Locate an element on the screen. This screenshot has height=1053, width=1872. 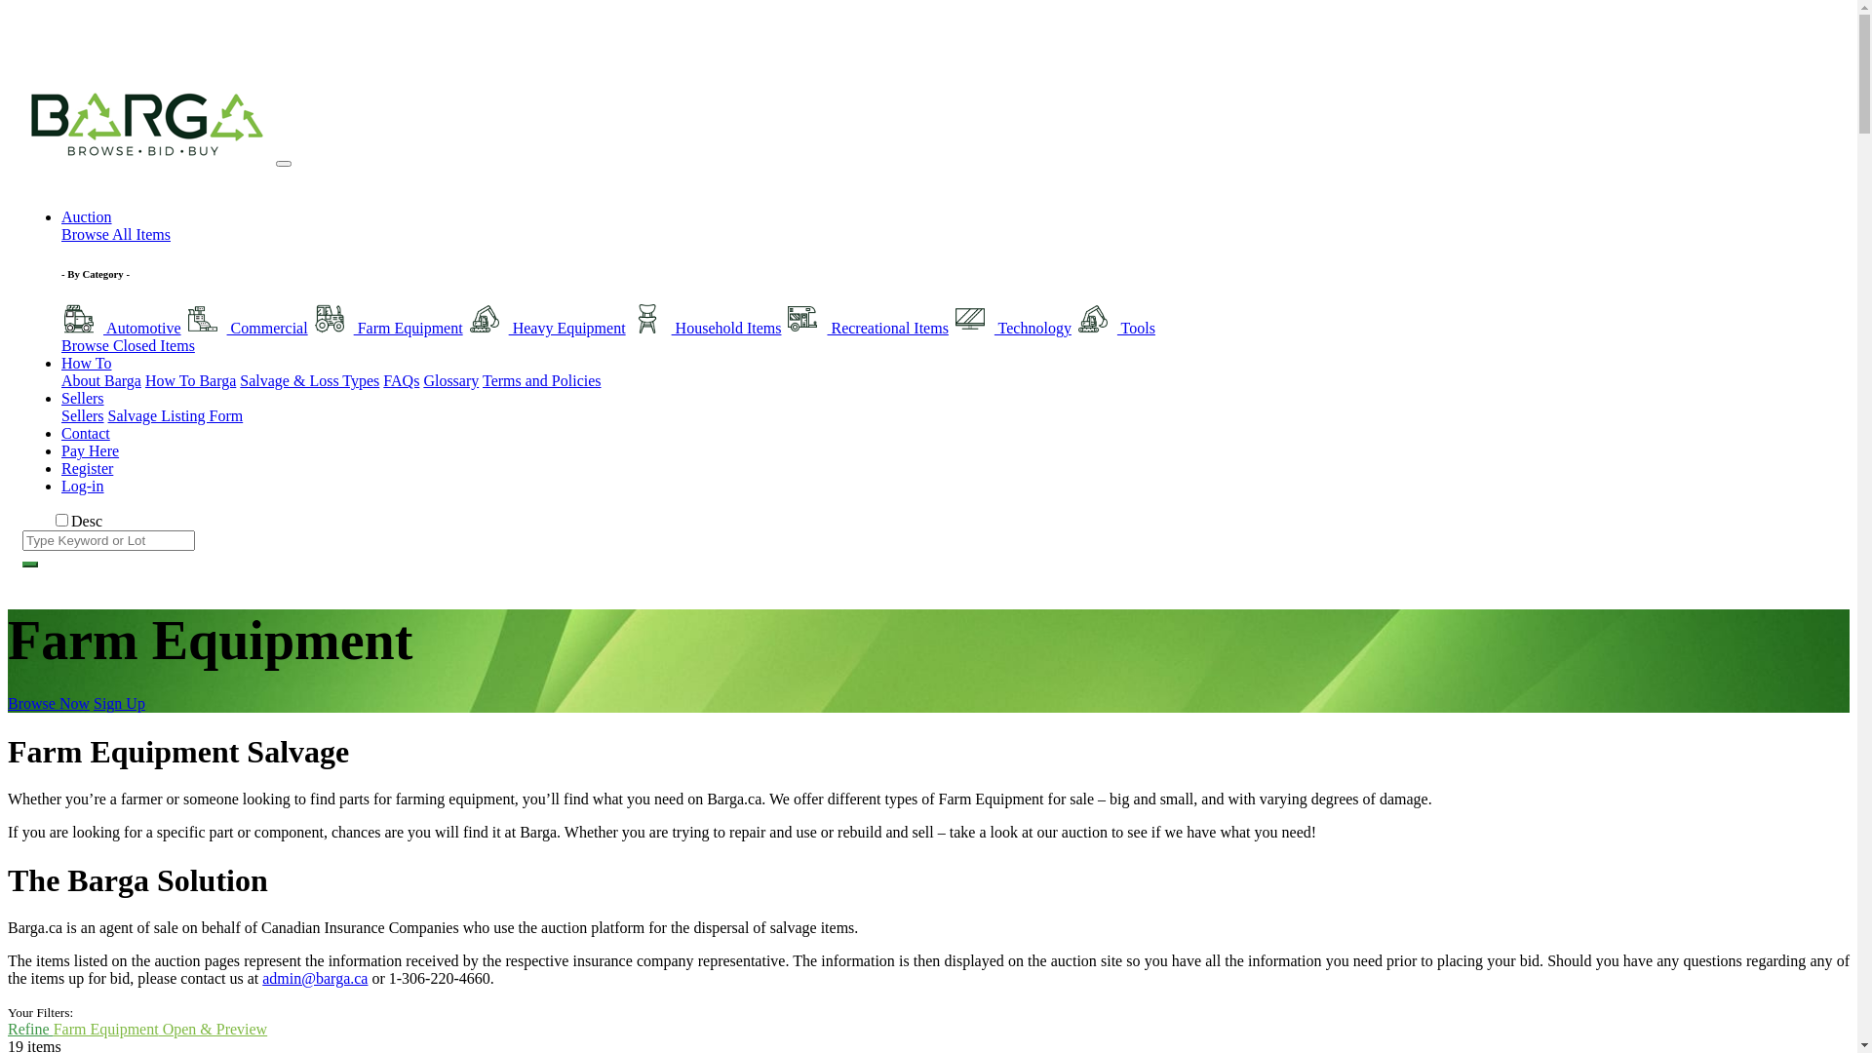
'How To' is located at coordinates (85, 363).